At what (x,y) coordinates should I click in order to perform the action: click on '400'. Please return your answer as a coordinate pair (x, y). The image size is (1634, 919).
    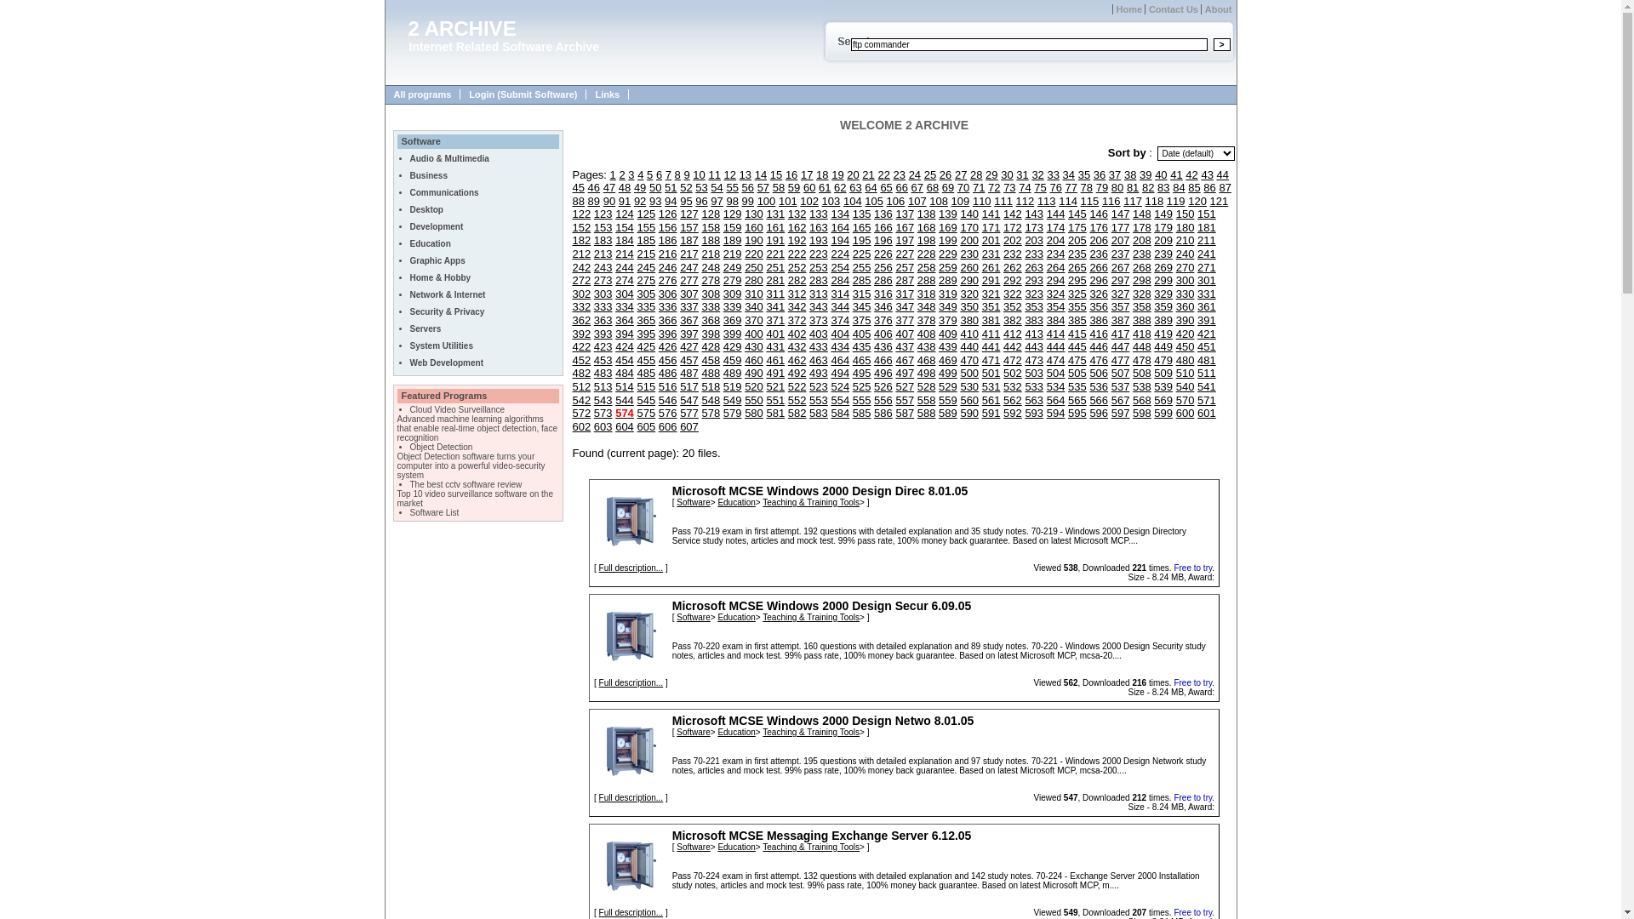
    Looking at the image, I should click on (753, 334).